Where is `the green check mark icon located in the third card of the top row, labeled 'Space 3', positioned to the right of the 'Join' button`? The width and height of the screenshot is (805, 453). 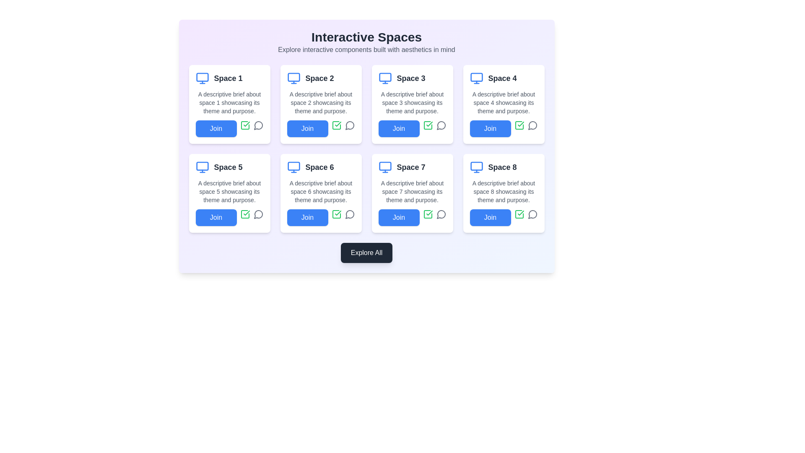 the green check mark icon located in the third card of the top row, labeled 'Space 3', positioned to the right of the 'Join' button is located at coordinates (429, 124).